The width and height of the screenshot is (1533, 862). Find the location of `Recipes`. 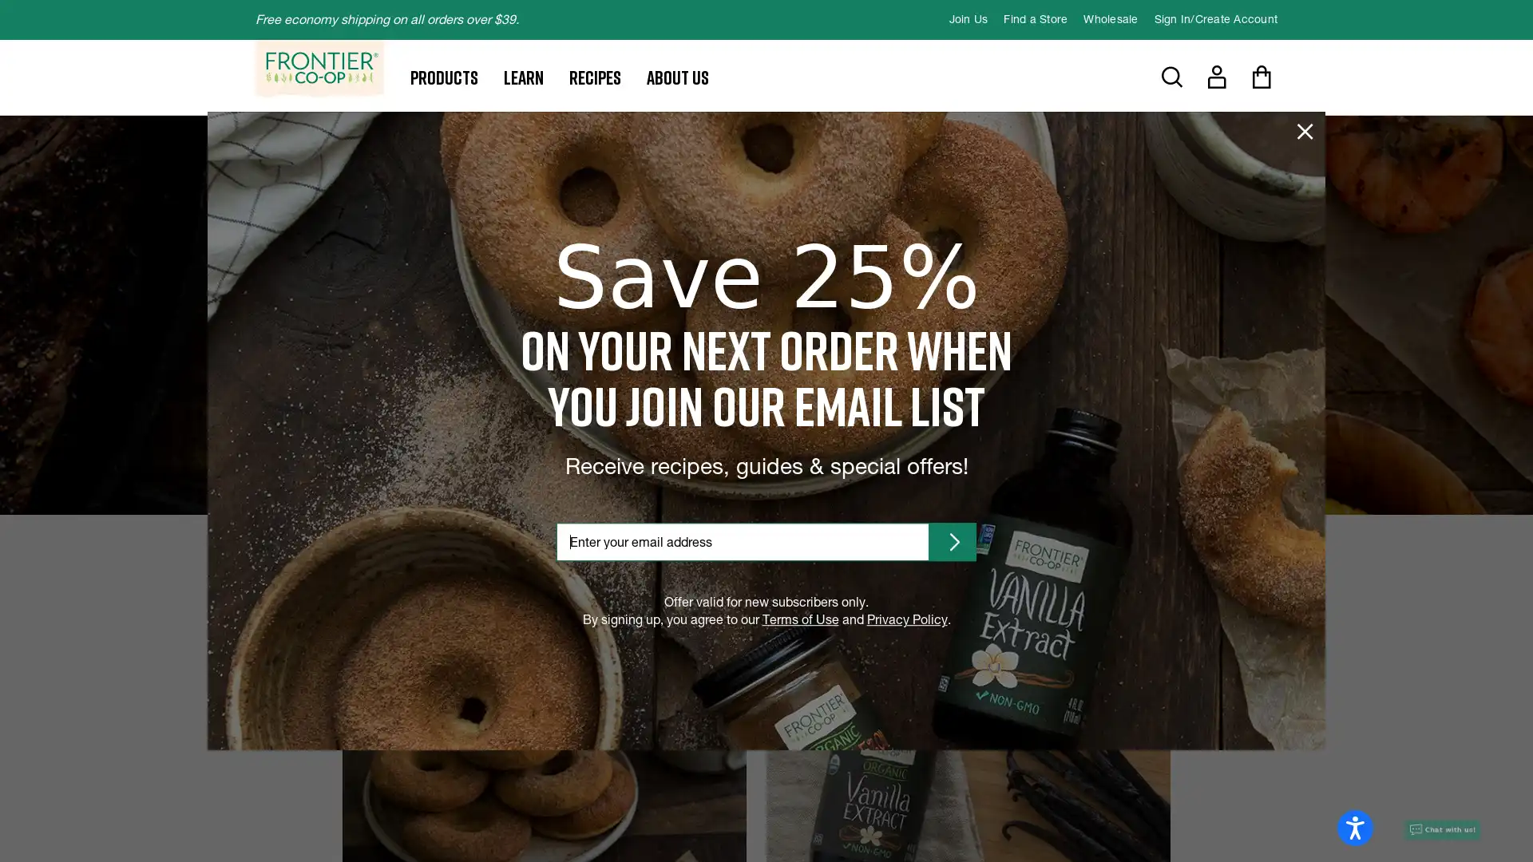

Recipes is located at coordinates (594, 77).